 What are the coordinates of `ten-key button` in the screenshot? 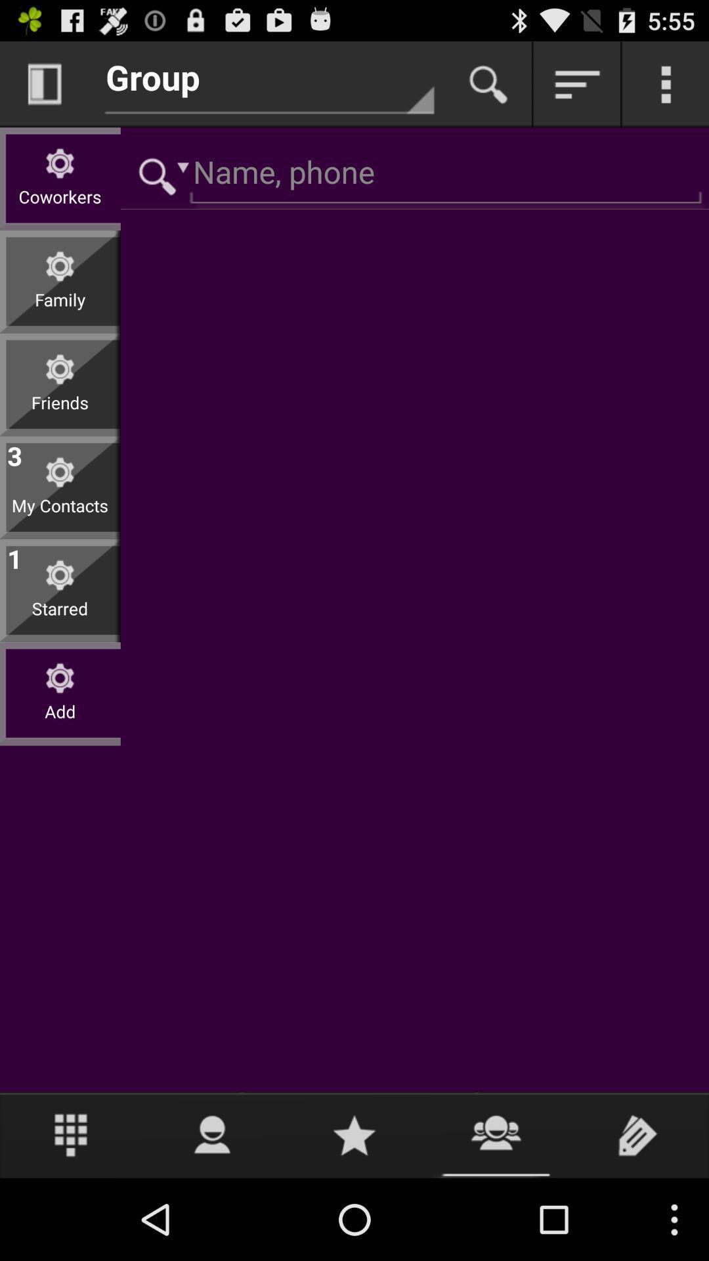 It's located at (71, 1134).